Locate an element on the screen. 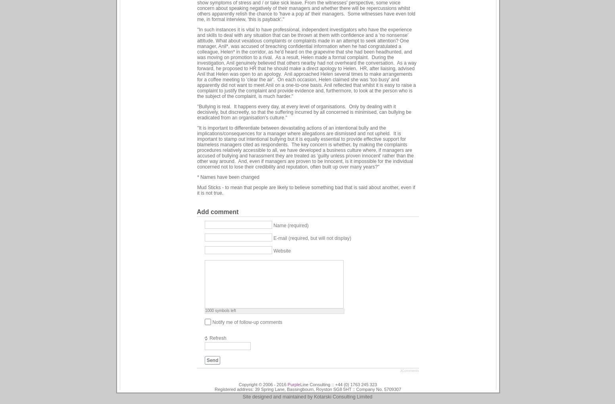 The width and height of the screenshot is (615, 404). 'Purple' is located at coordinates (293, 384).